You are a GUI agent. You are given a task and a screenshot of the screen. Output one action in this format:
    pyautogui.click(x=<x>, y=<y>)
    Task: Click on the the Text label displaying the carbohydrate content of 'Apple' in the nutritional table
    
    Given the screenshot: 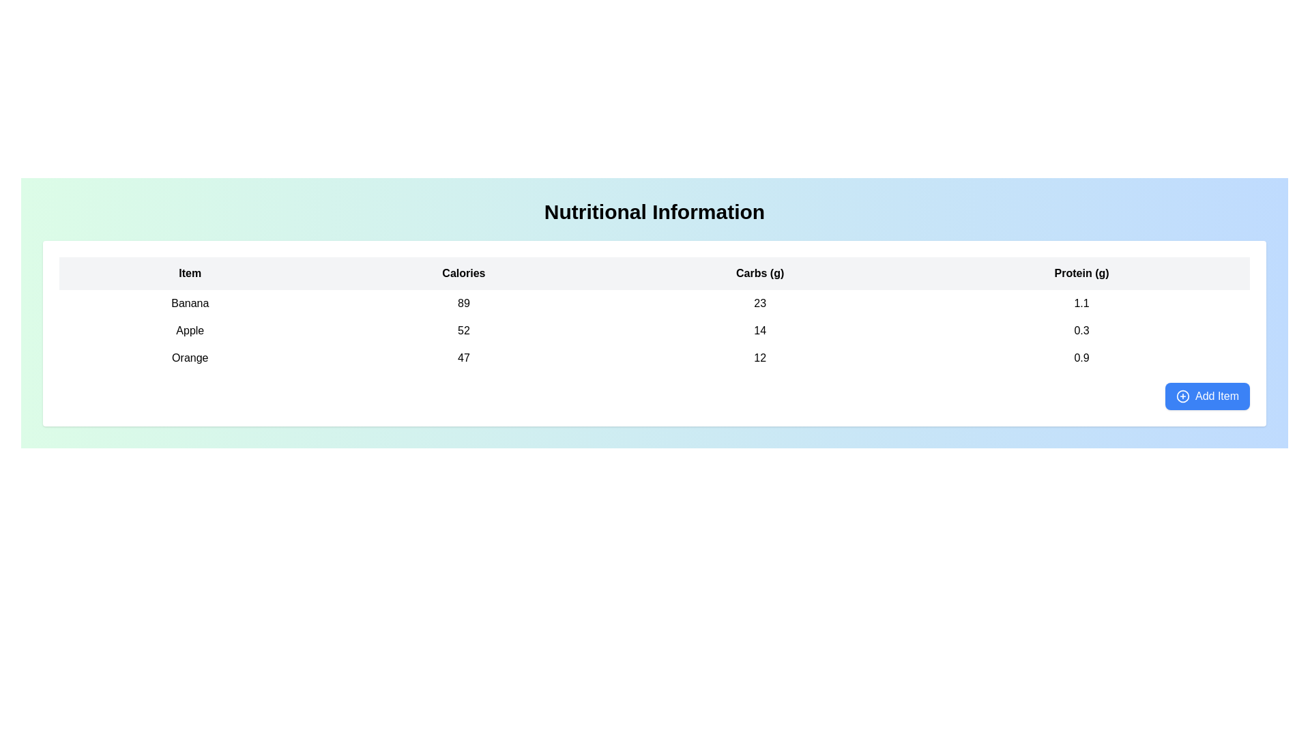 What is the action you would take?
    pyautogui.click(x=759, y=331)
    